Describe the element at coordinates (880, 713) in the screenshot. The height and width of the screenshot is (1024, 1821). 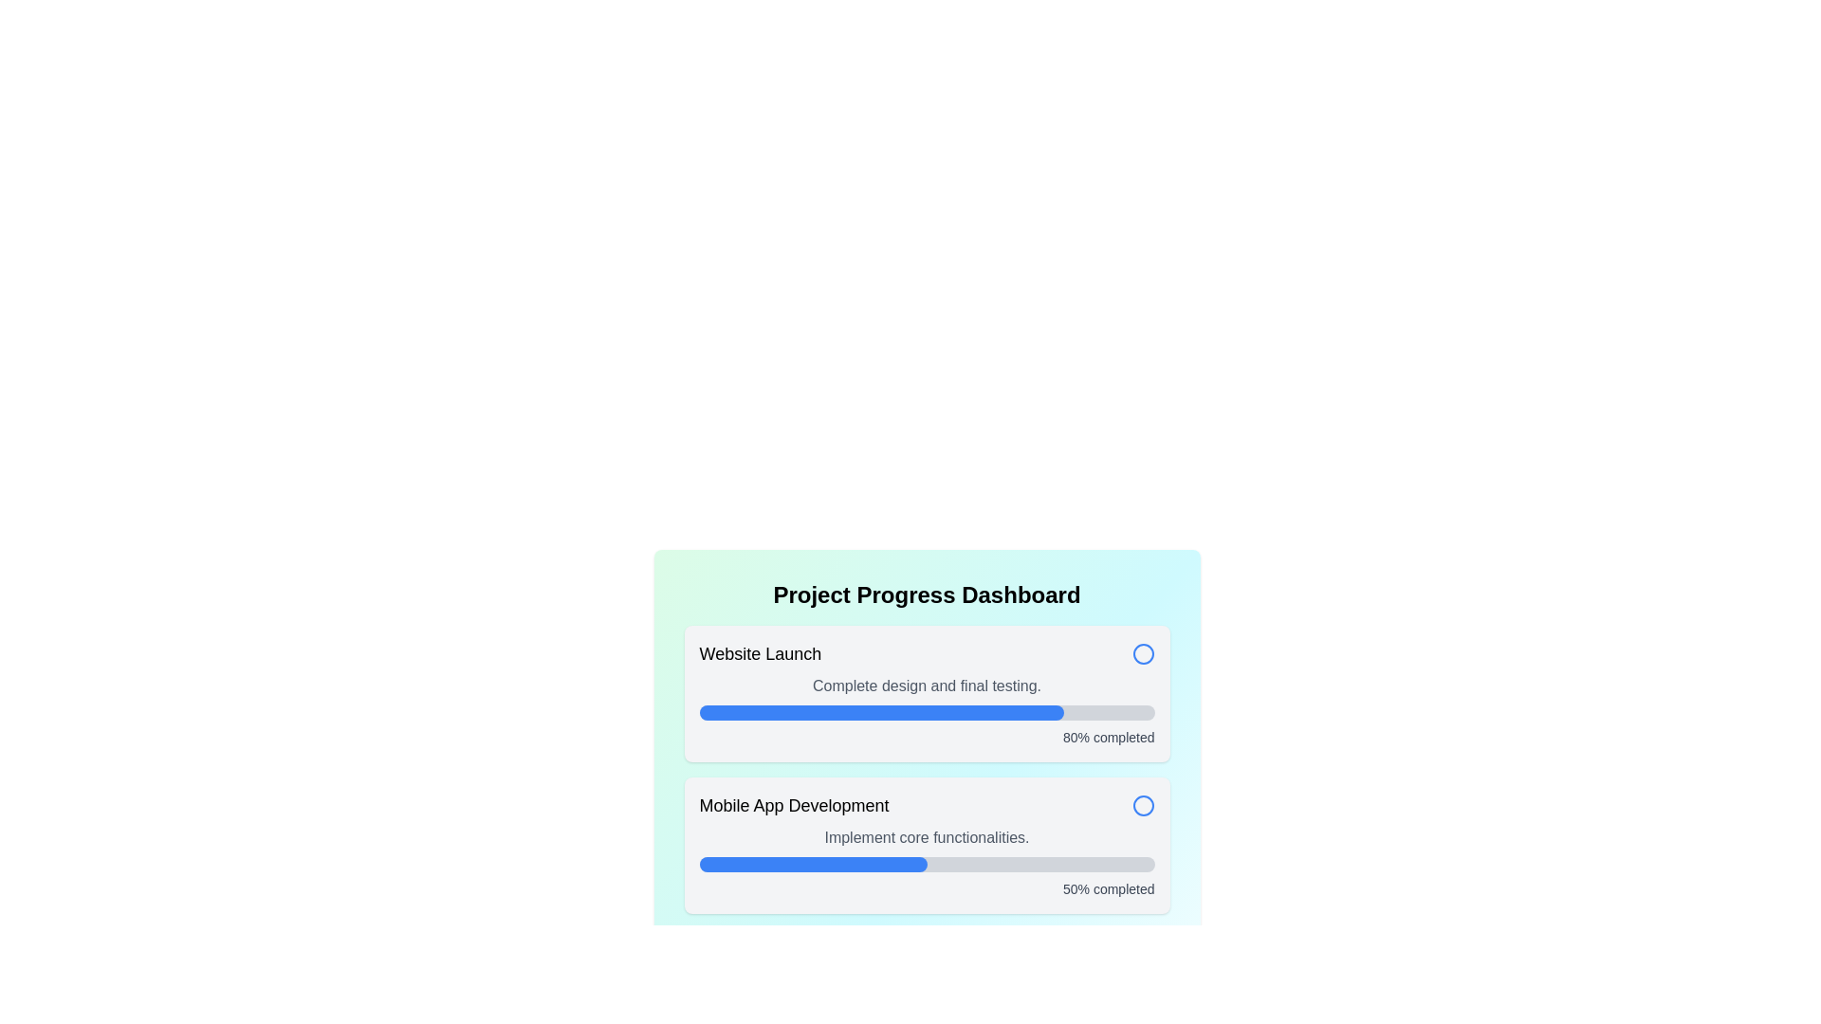
I see `the blue progress bar segment that visually indicates 80% completion of the task, located under the 'Complete design and final testing.' label` at that location.